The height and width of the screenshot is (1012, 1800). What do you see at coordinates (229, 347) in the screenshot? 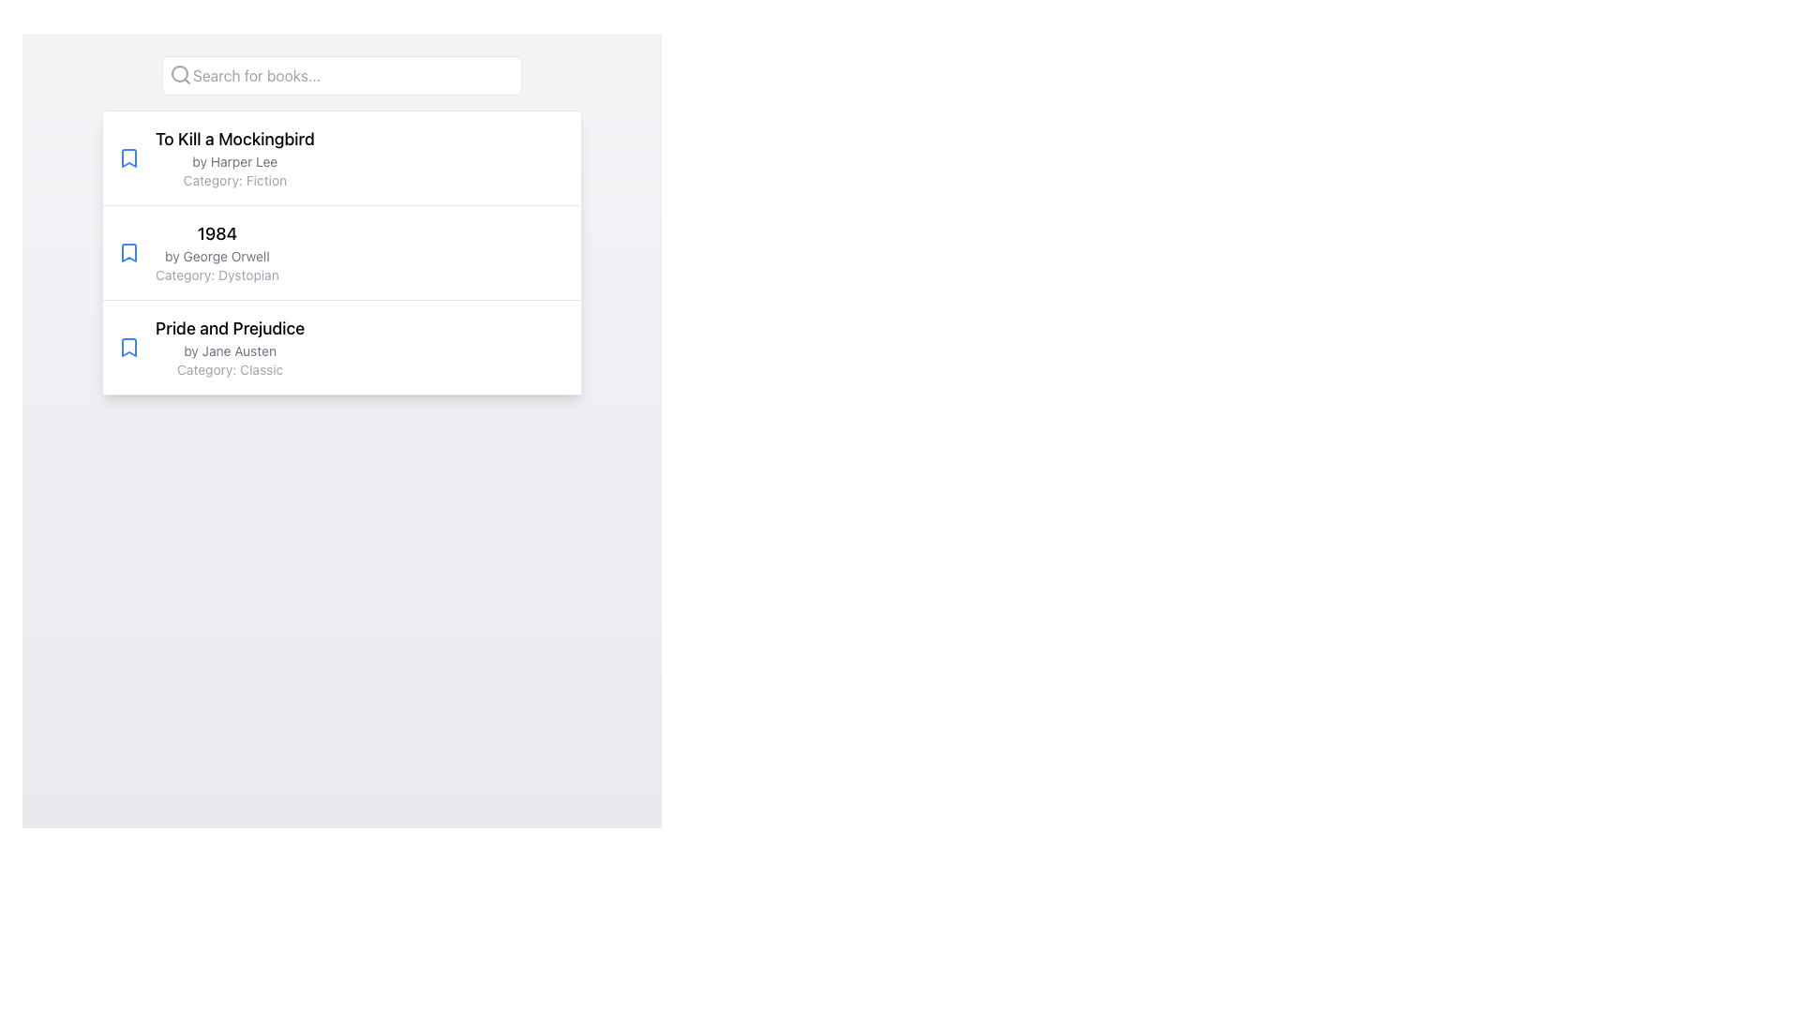
I see `information presented in the Text Content Group containing 'Pride and Prejudice', 'by Jane Austen', and 'Category: Classic', which is the third entry in a vertical list within a white card` at bounding box center [229, 347].